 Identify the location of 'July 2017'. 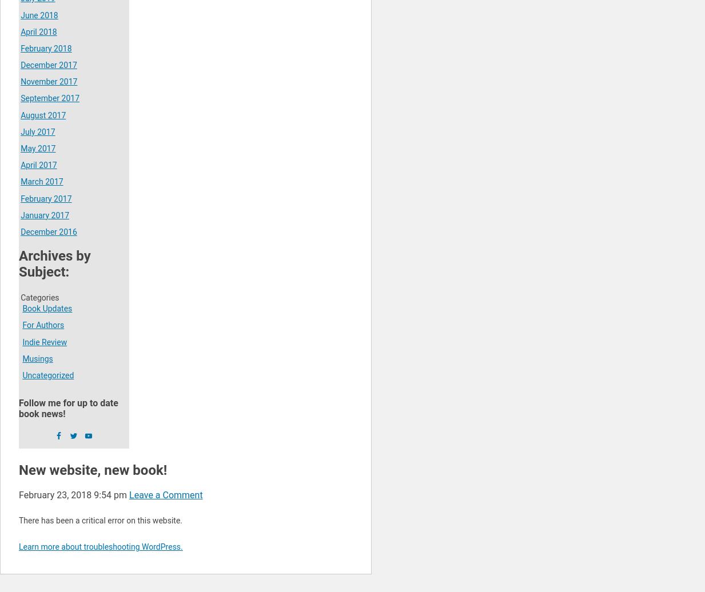
(37, 131).